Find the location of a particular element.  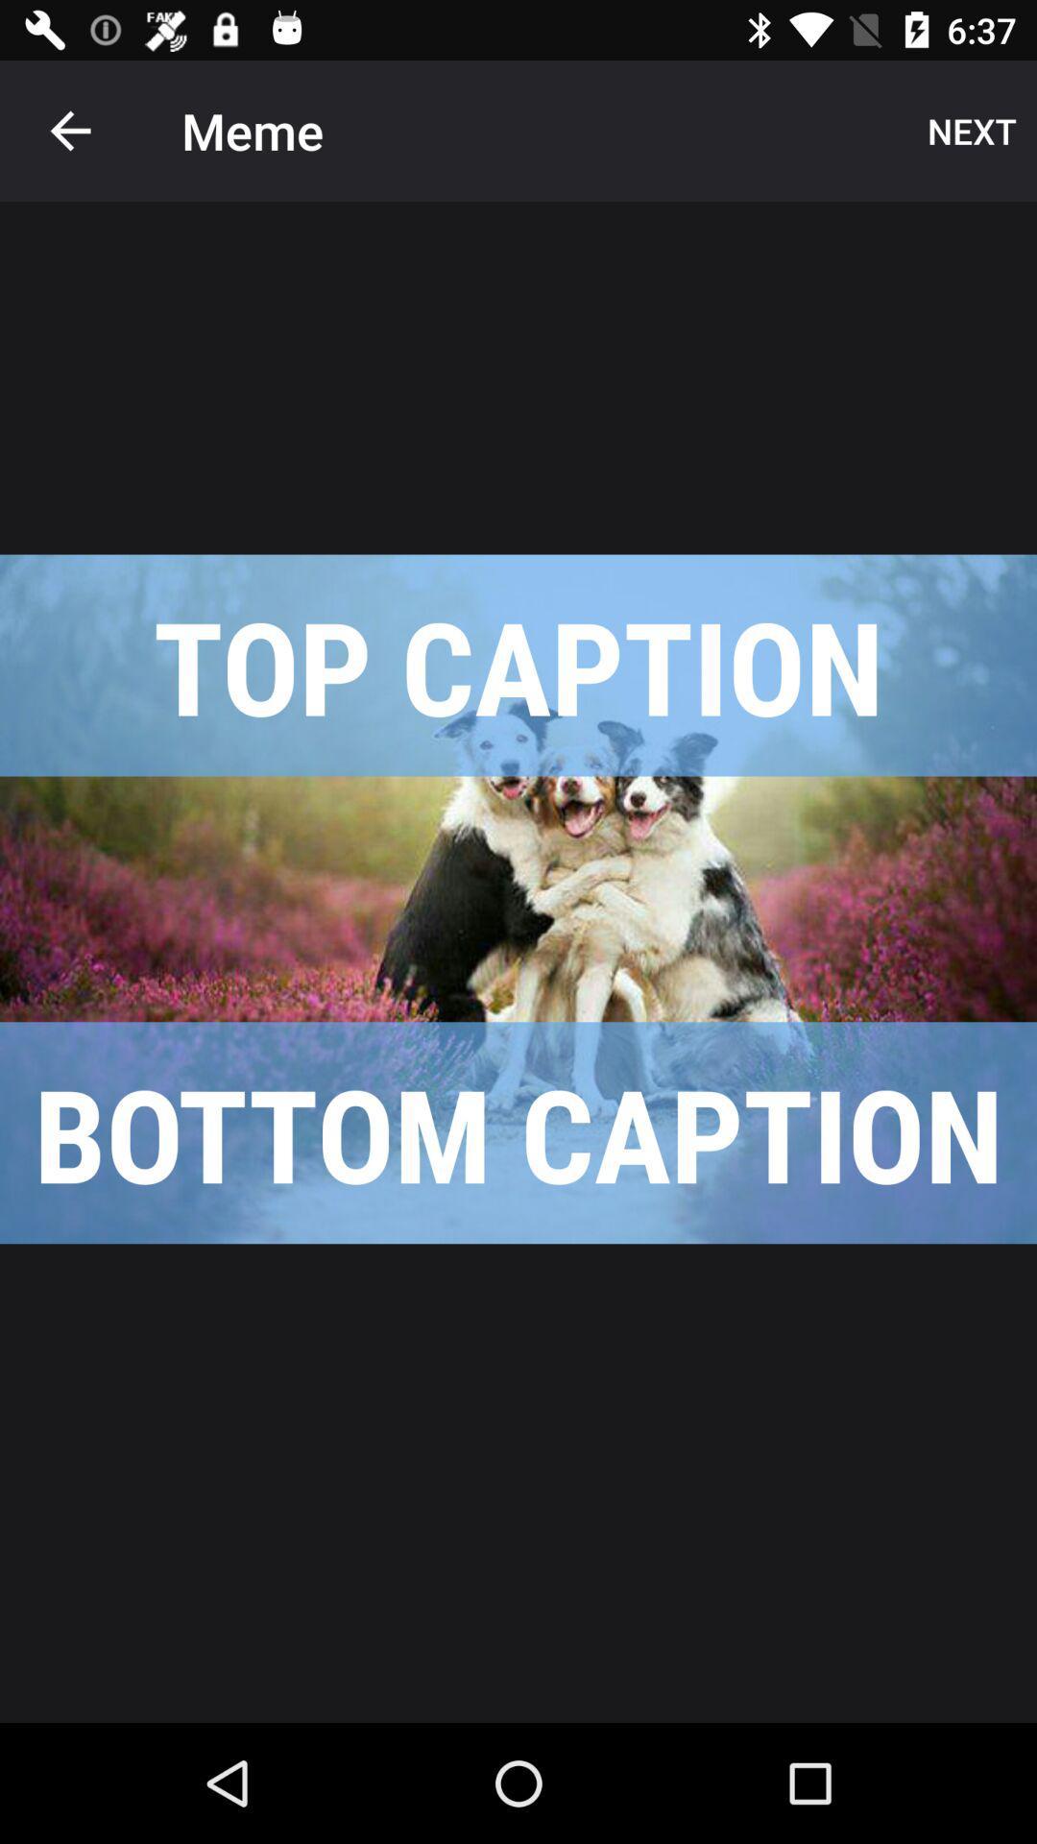

click the center page is located at coordinates (518, 898).